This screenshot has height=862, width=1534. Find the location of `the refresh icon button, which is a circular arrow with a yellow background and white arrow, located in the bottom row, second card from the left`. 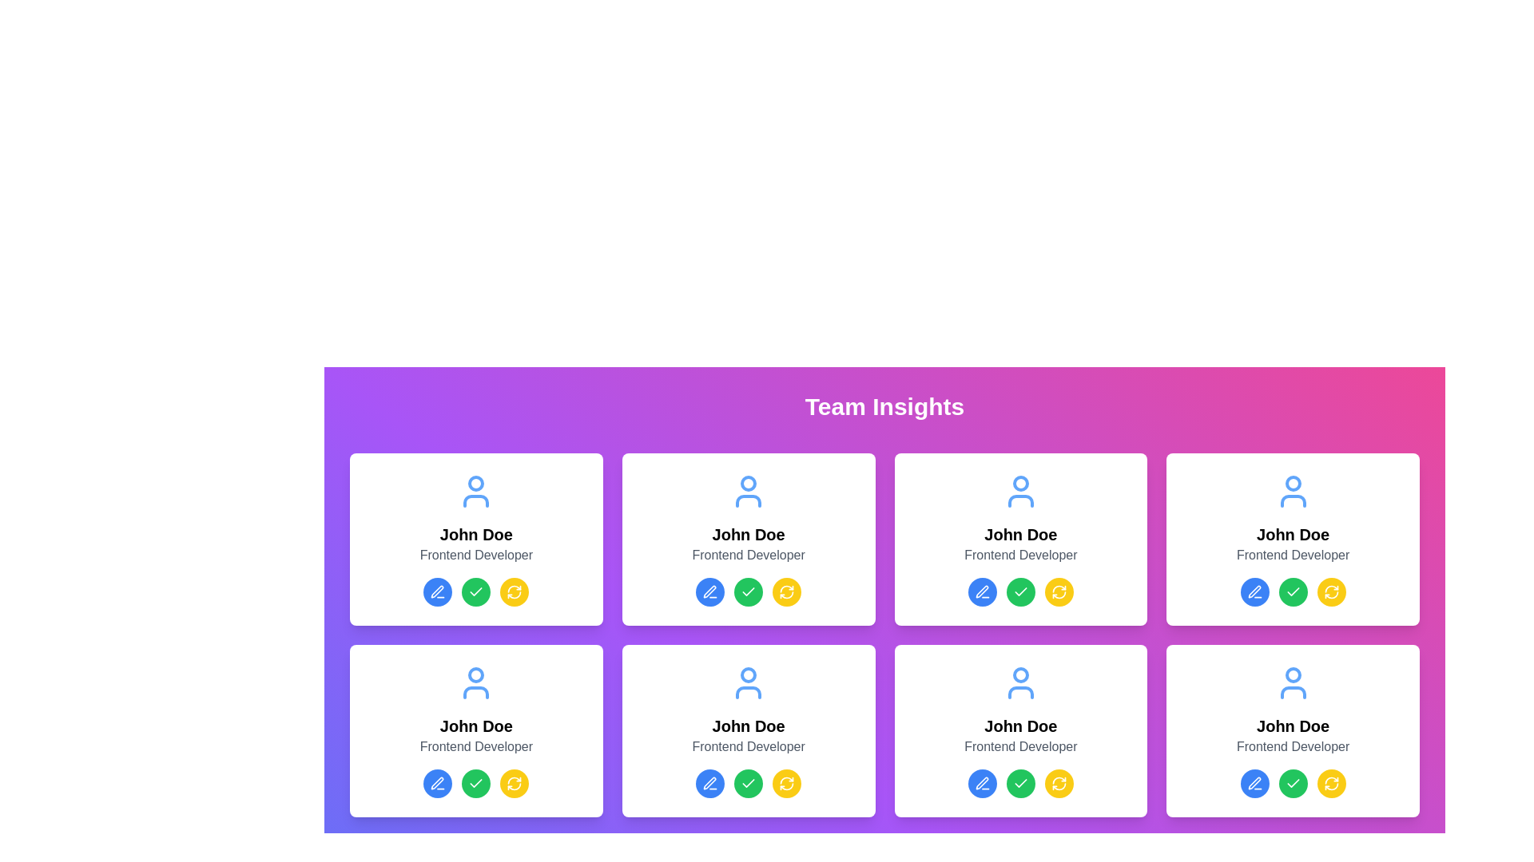

the refresh icon button, which is a circular arrow with a yellow background and white arrow, located in the bottom row, second card from the left is located at coordinates (515, 783).